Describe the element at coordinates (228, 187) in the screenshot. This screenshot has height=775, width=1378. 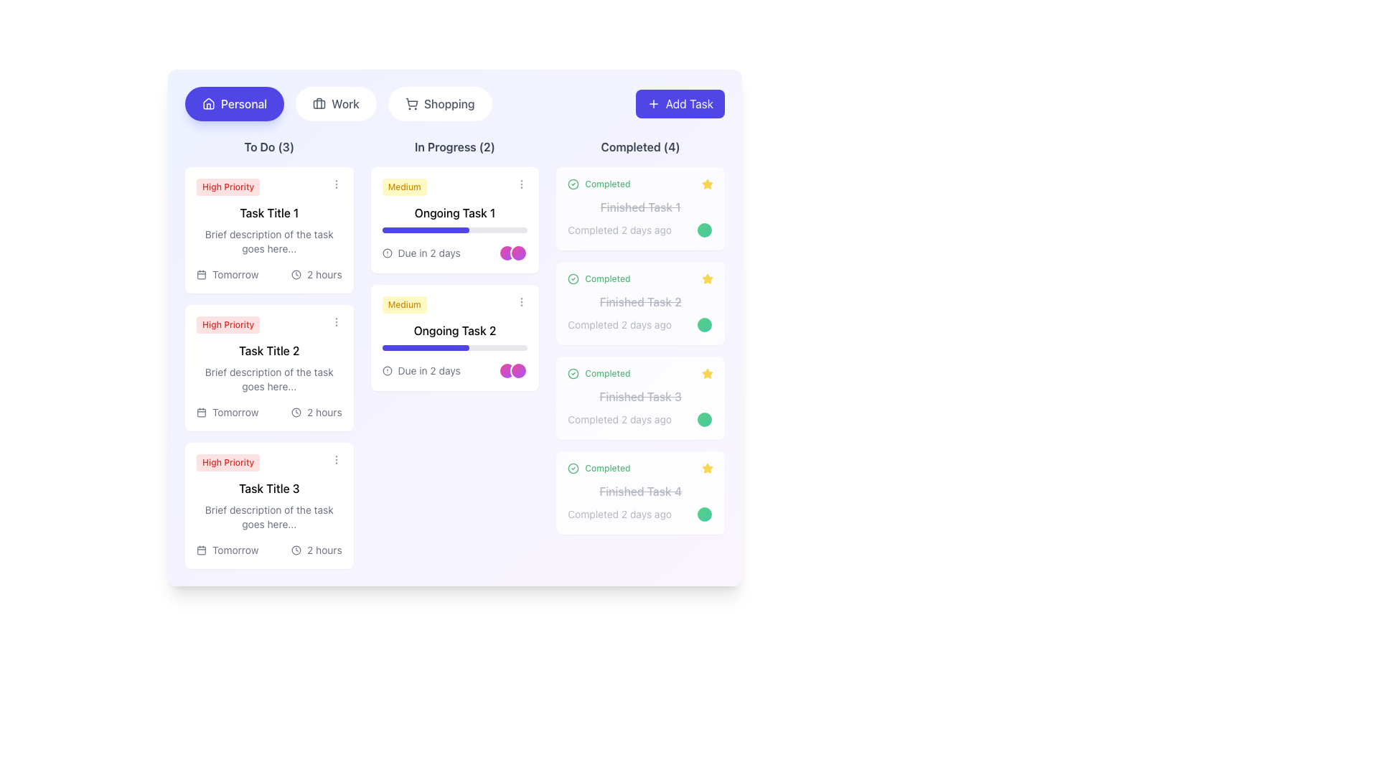
I see `the 'High Priority' label, which is a small, pill-shaped label with a red border and light red background located at the top-left of the first task card in the 'To Do' column` at that location.